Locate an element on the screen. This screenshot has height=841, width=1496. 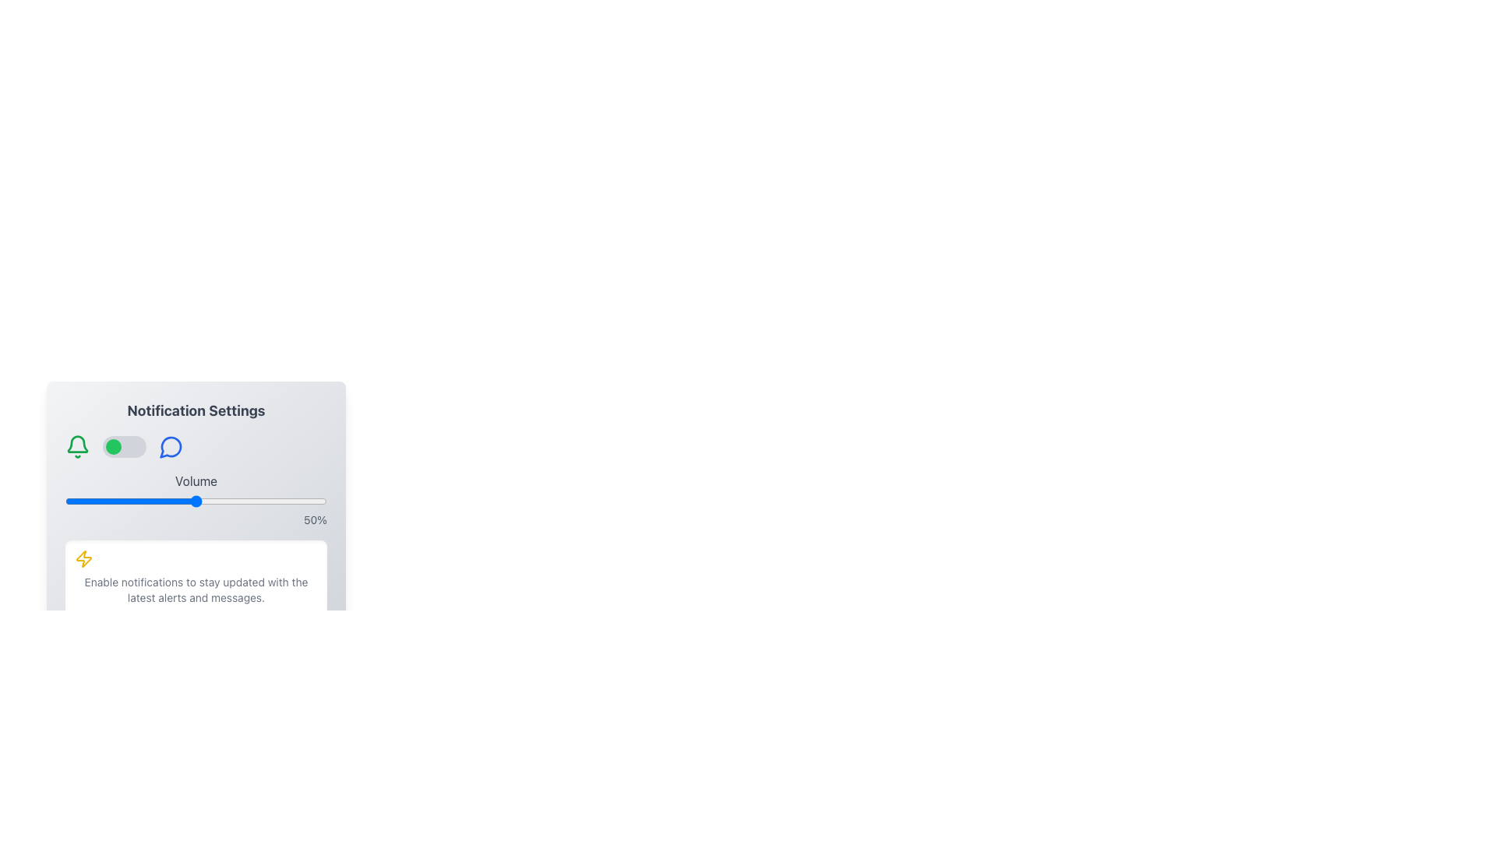
the volume is located at coordinates (104, 501).